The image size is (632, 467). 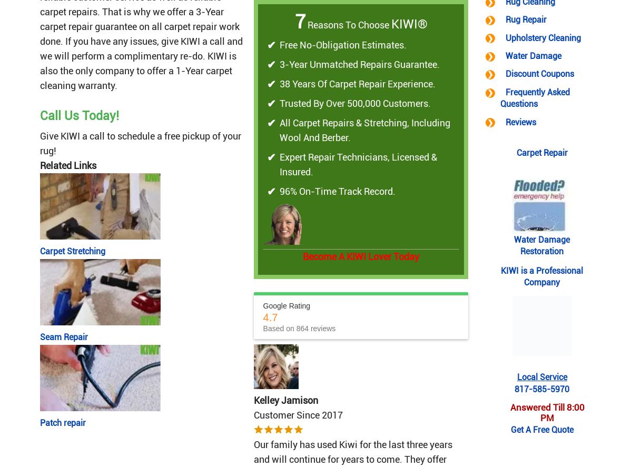 What do you see at coordinates (209, 8) in the screenshot?
I see `'Water Damage FAQ'` at bounding box center [209, 8].